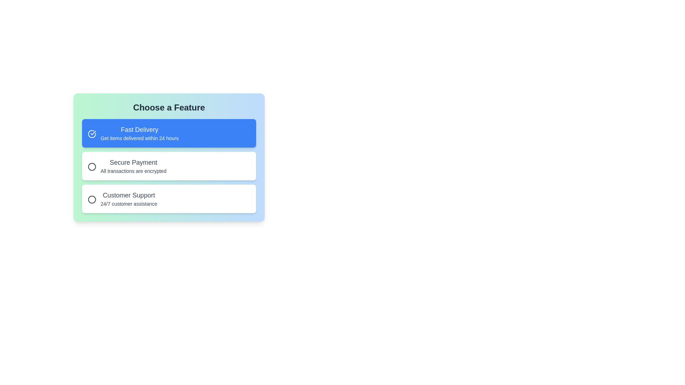 The image size is (685, 385). What do you see at coordinates (133, 171) in the screenshot?
I see `the static text label that displays 'All transactions are encrypted', which is positioned below the 'Secure Payment' title and above the 'Customer Support' option` at bounding box center [133, 171].